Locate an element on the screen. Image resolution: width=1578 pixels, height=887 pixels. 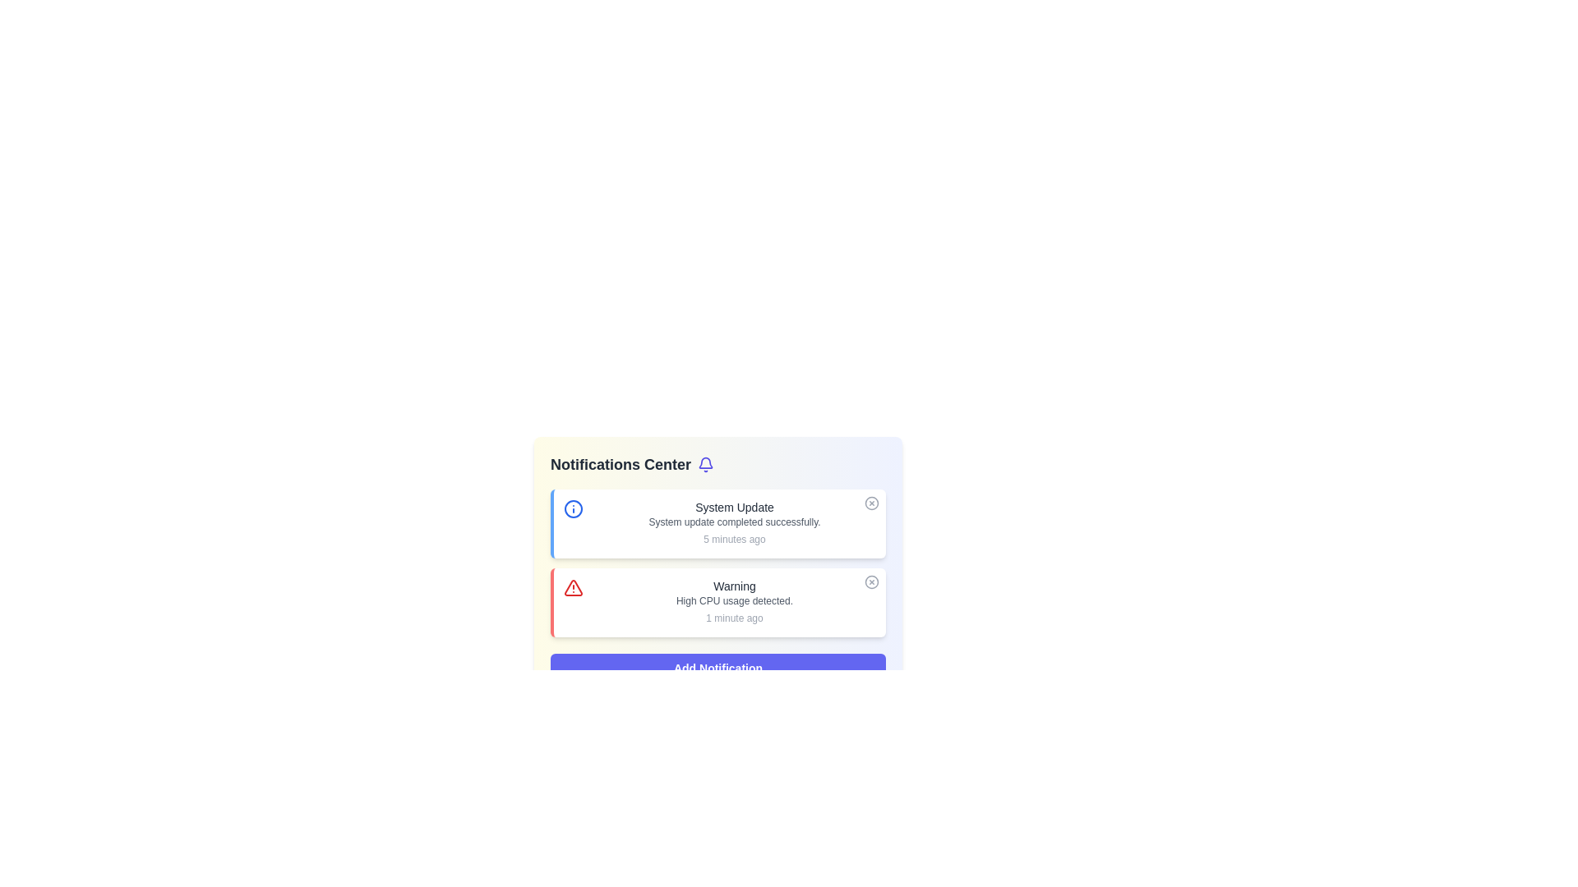
the text label displaying '5 minutes ago', which is located below the 'System update completed successfully.' message in the notification box is located at coordinates (733, 539).